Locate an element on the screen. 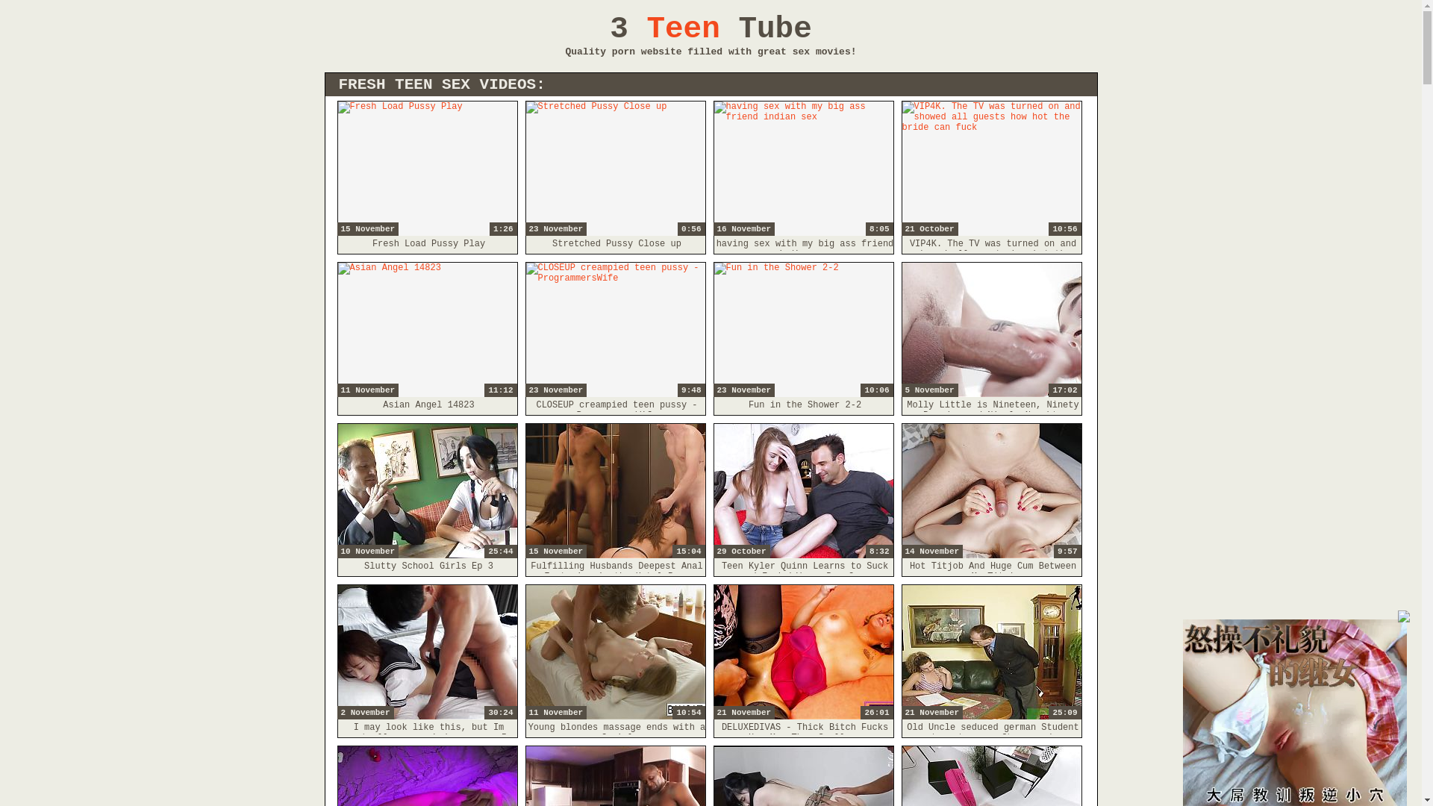 Image resolution: width=1433 pixels, height=806 pixels. '9:57 is located at coordinates (991, 491).